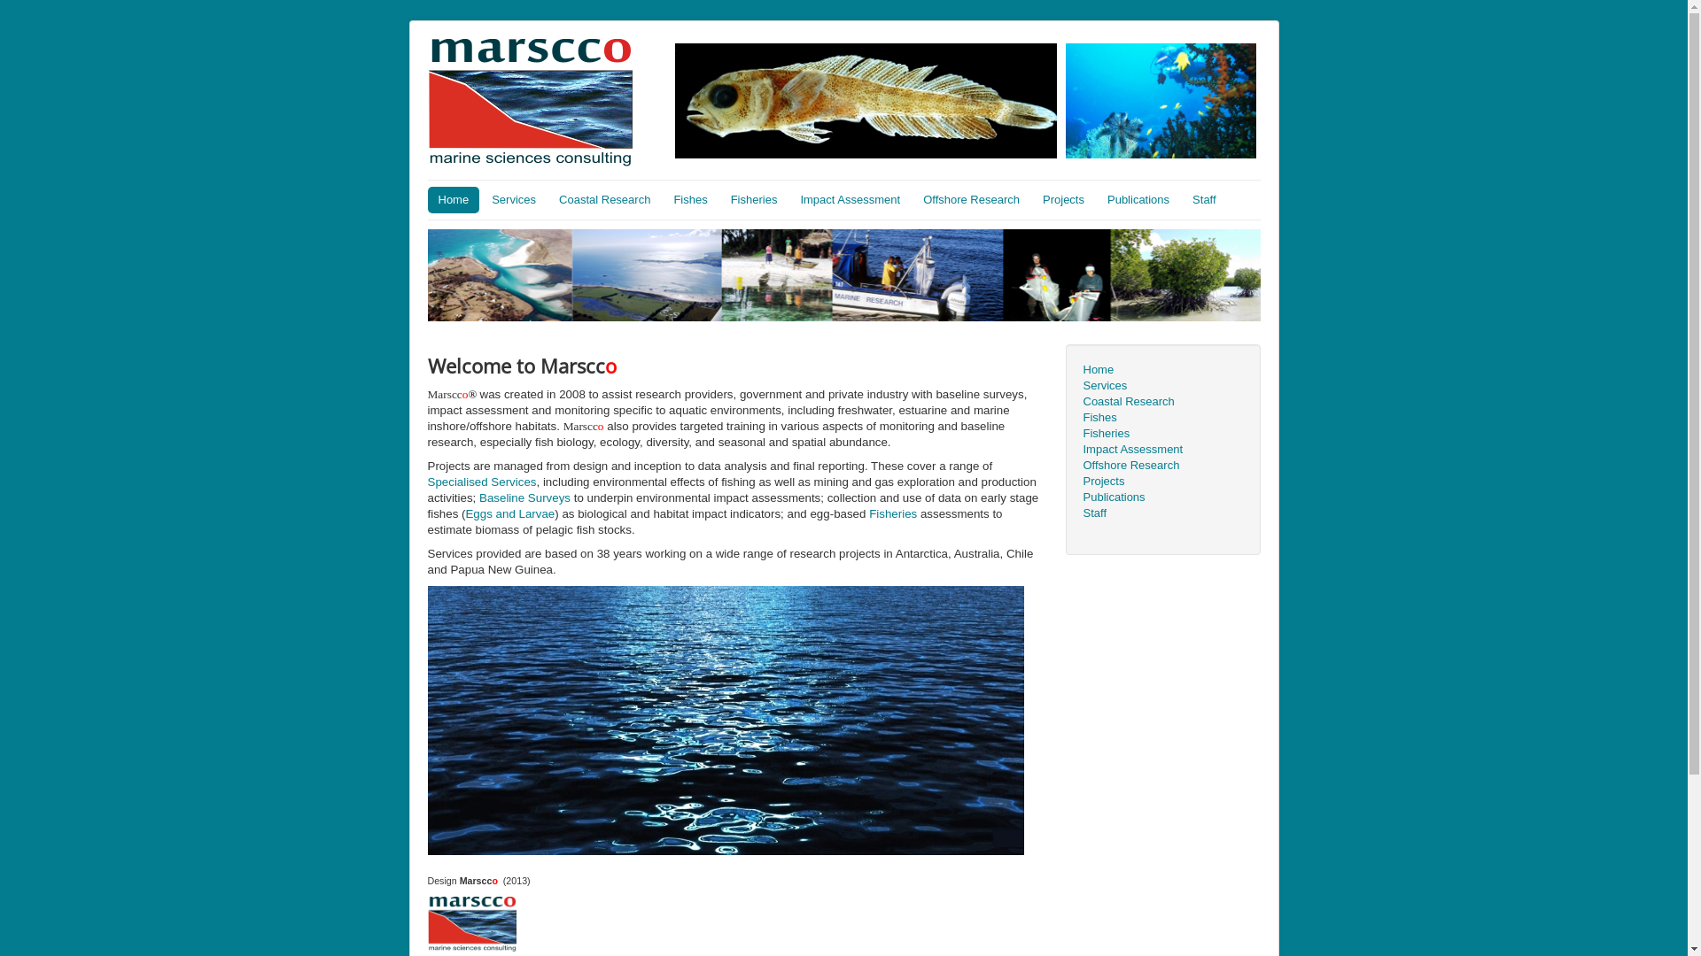 Image resolution: width=1701 pixels, height=956 pixels. What do you see at coordinates (1161, 464) in the screenshot?
I see `'Offshore Research'` at bounding box center [1161, 464].